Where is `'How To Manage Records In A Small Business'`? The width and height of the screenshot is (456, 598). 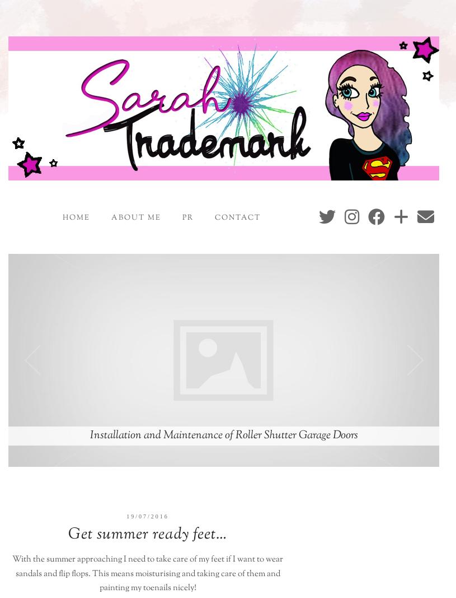
'How To Manage Records In A Small Business' is located at coordinates (223, 434).